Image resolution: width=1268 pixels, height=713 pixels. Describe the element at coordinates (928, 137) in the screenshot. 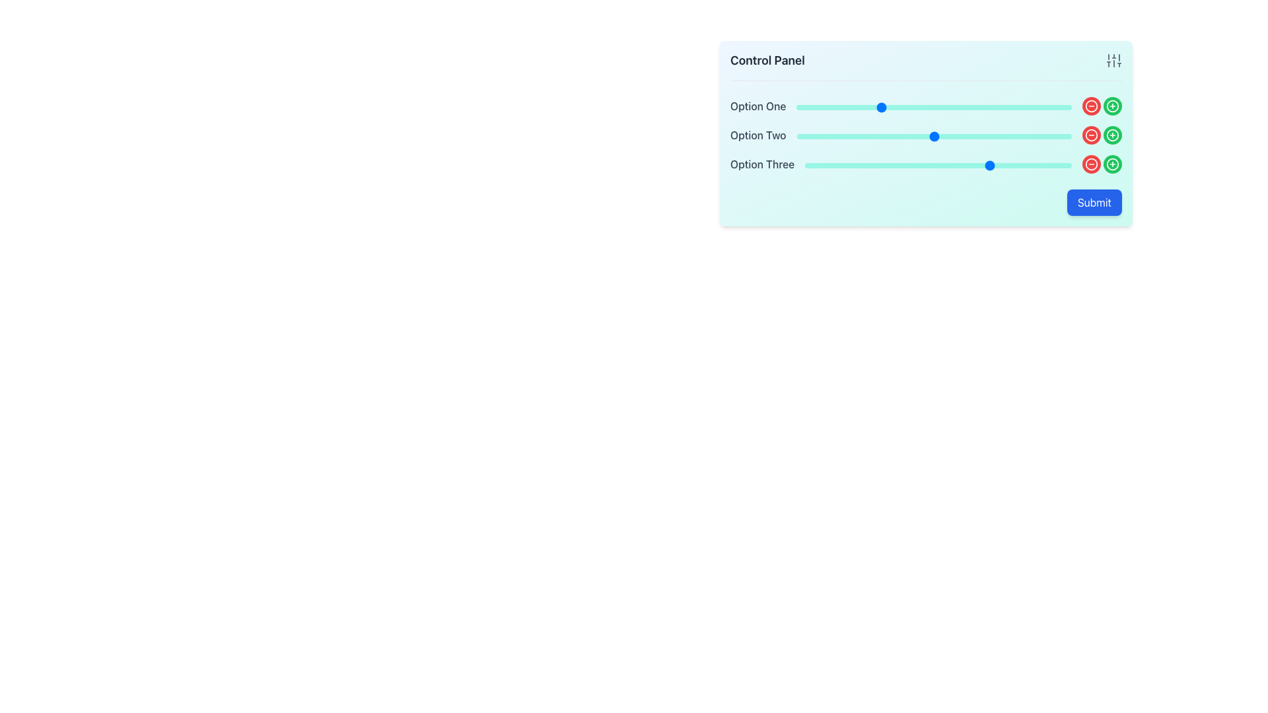

I see `the slider` at that location.